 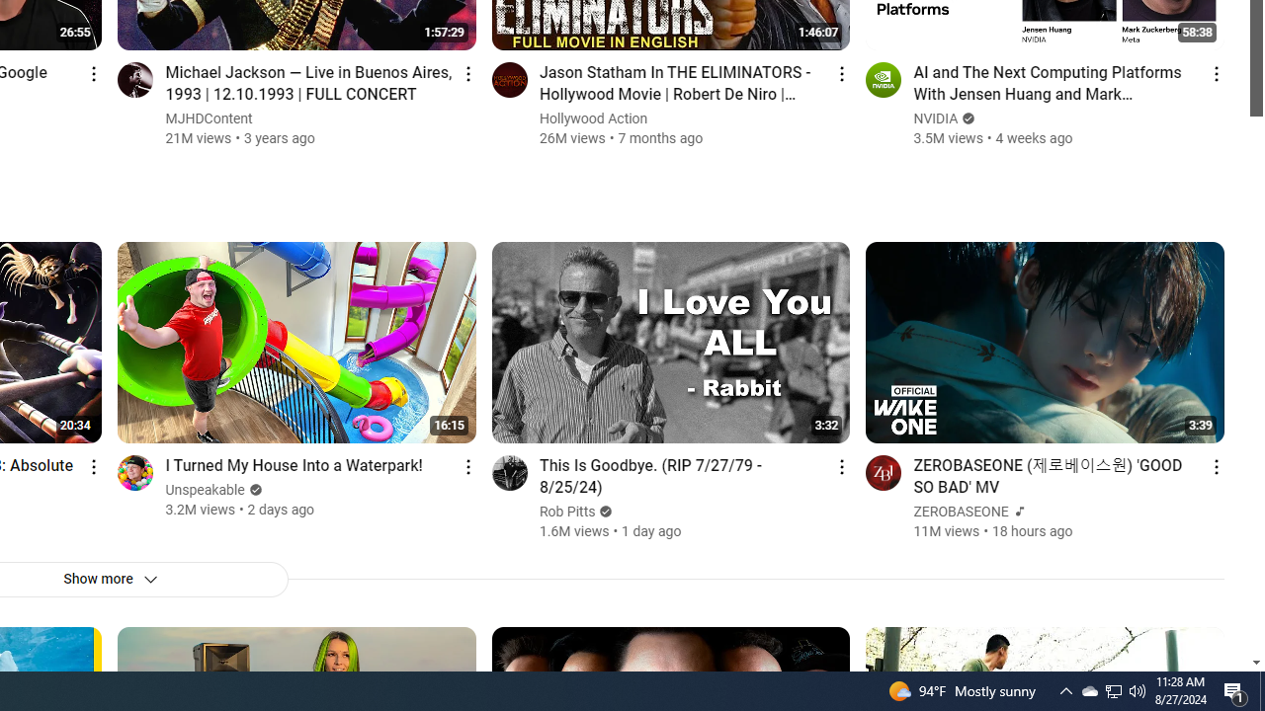 I want to click on 'Go to channel', so click(x=883, y=472).